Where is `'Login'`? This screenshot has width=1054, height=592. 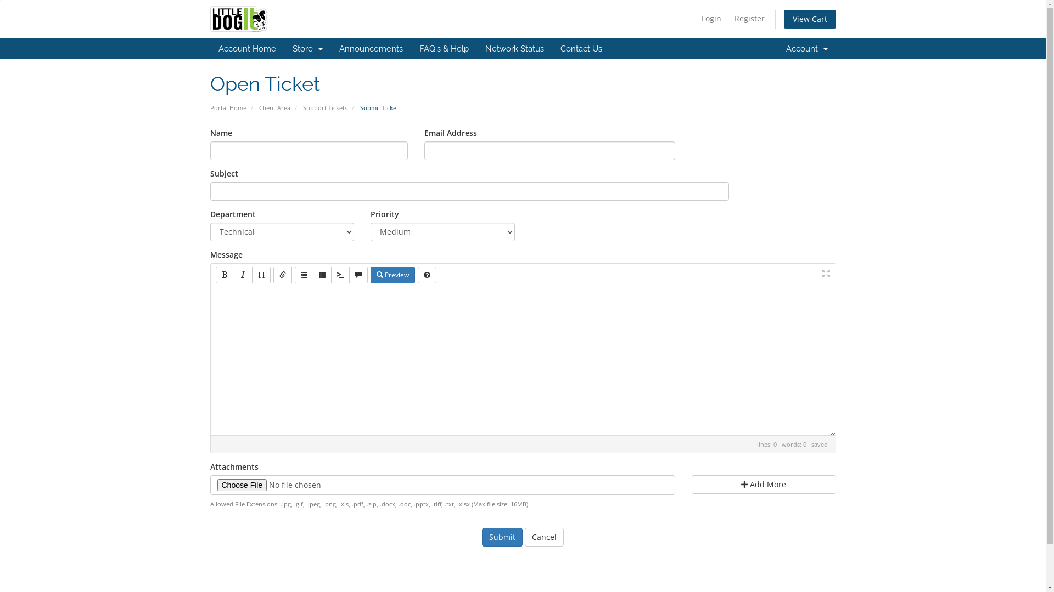
'Login' is located at coordinates (711, 19).